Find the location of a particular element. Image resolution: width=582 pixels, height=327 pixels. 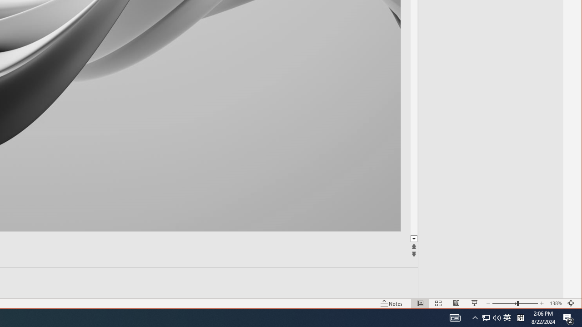

'Zoom Out' is located at coordinates (504, 303).